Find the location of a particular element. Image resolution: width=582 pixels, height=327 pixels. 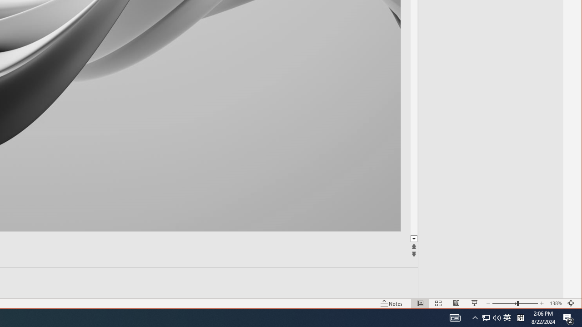

'Zoom Out' is located at coordinates (504, 303).